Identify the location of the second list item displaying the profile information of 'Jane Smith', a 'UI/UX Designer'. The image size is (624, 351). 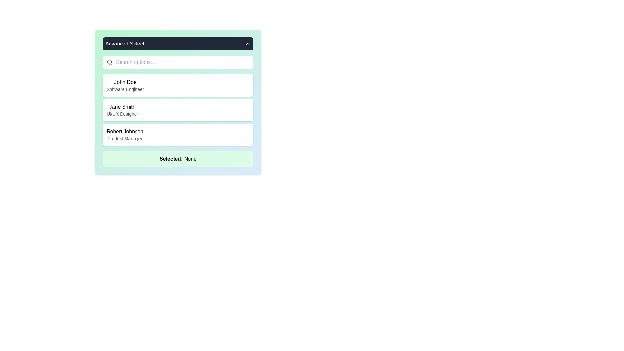
(178, 110).